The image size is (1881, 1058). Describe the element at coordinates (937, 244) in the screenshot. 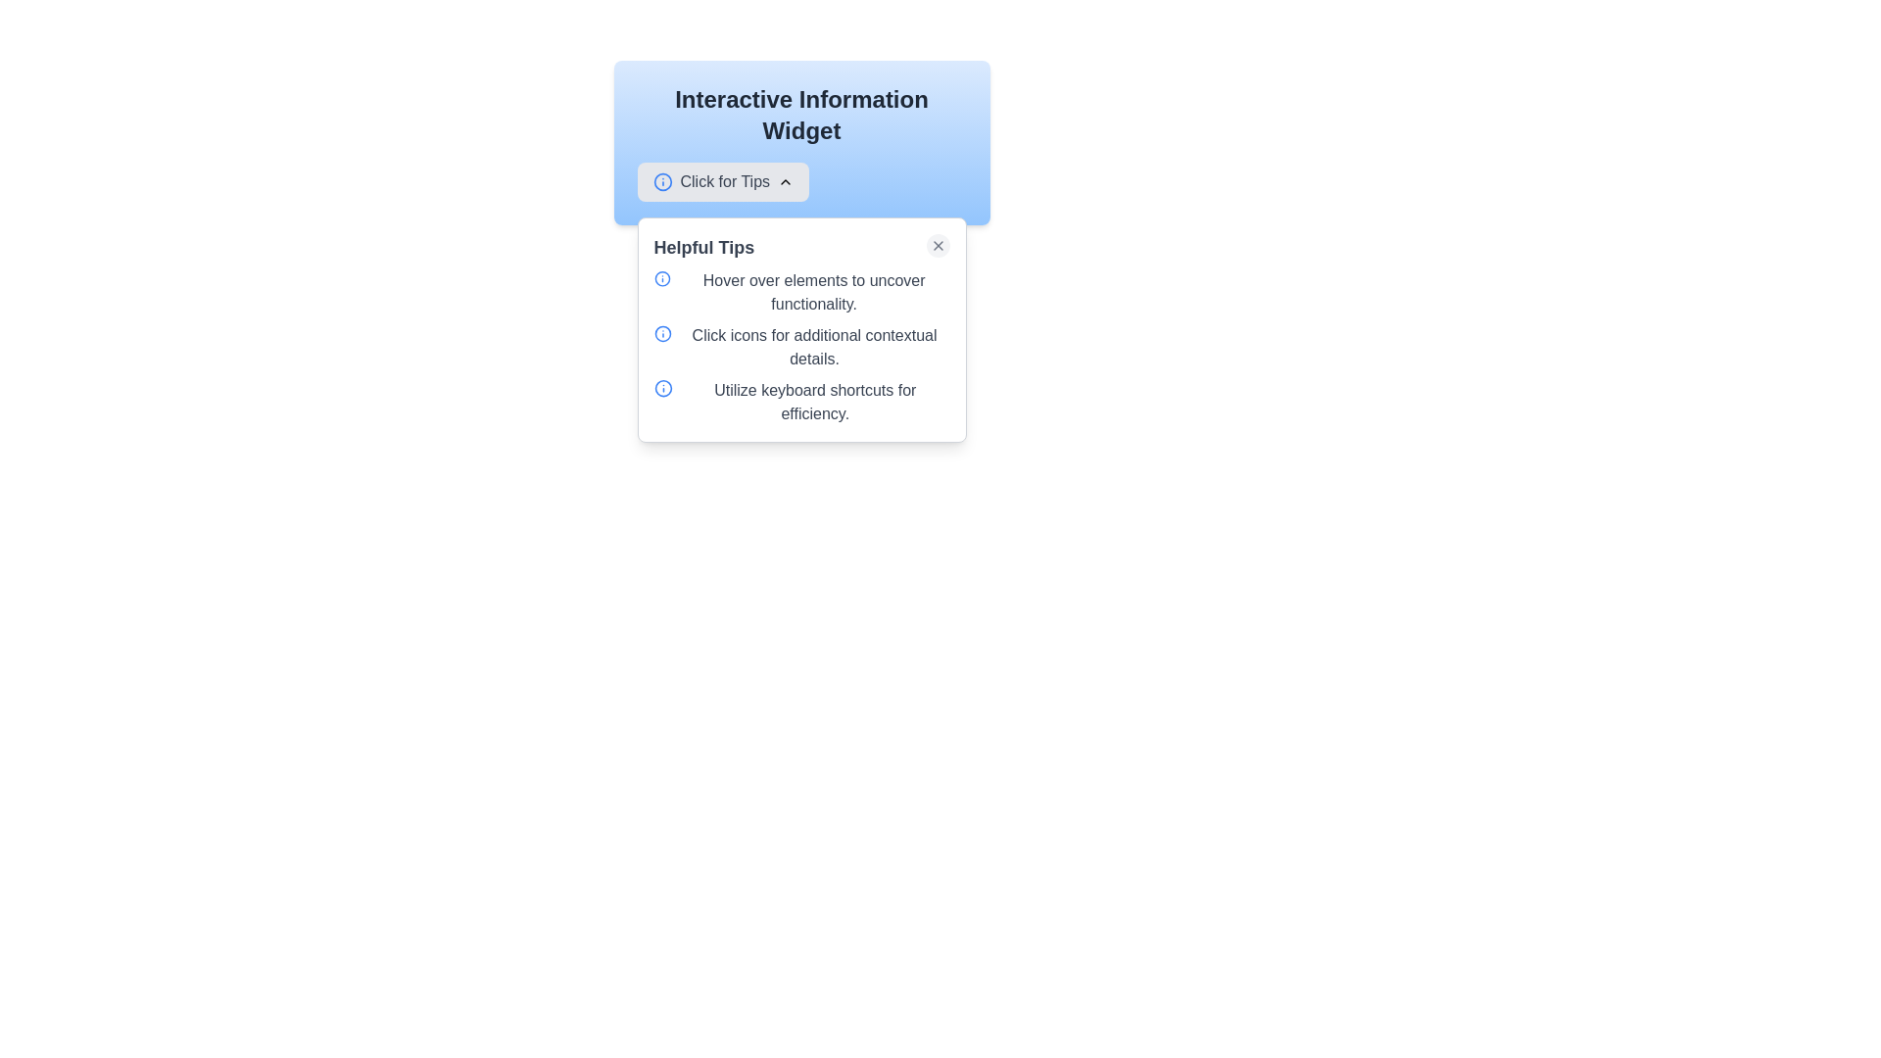

I see `the close button located at the top-right corner of the 'Helpful Tips' panel to activate its hover effect` at that location.